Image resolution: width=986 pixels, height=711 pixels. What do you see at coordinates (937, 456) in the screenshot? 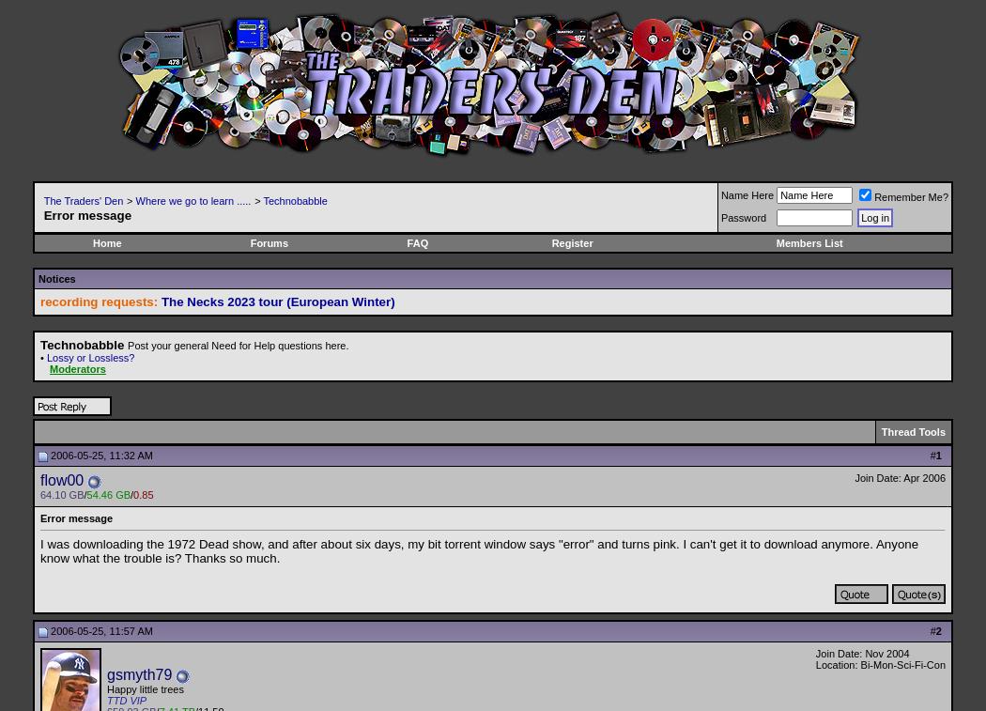
I see `'1'` at bounding box center [937, 456].